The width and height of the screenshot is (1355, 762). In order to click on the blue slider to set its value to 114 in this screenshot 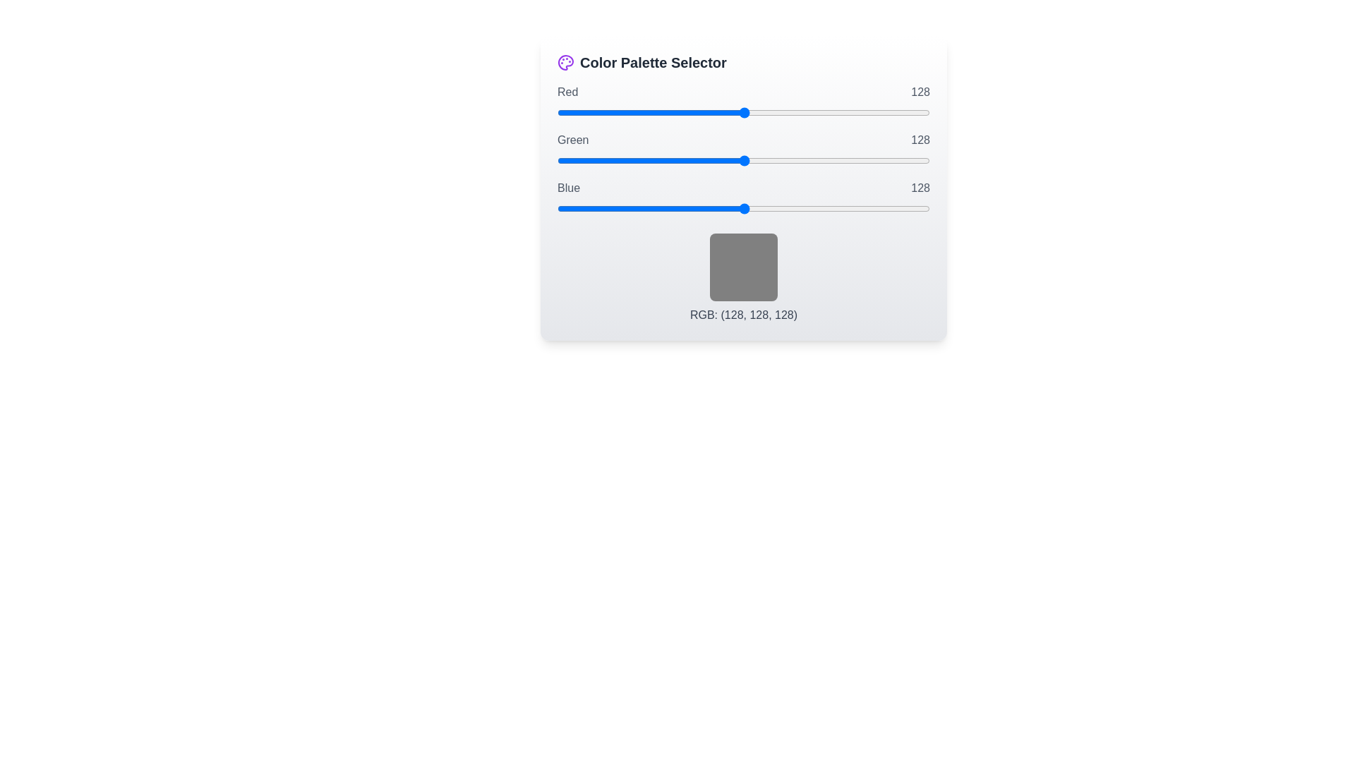, I will do `click(724, 209)`.